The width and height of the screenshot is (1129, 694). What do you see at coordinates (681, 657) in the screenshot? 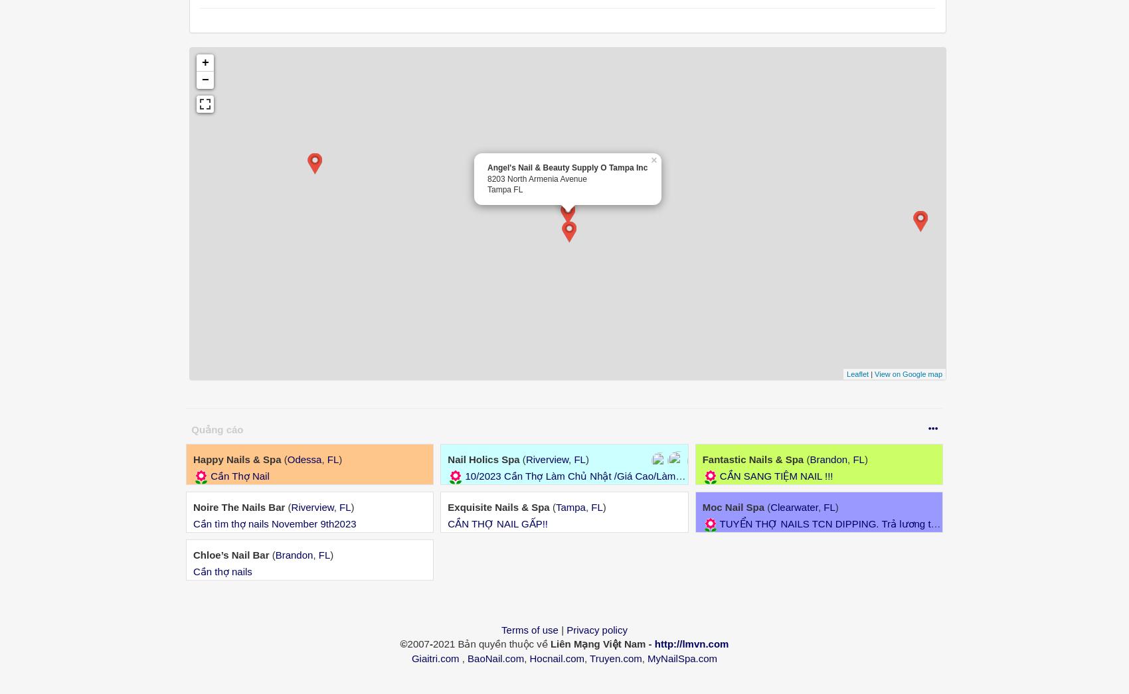
I see `'MyNailSpa.com'` at bounding box center [681, 657].